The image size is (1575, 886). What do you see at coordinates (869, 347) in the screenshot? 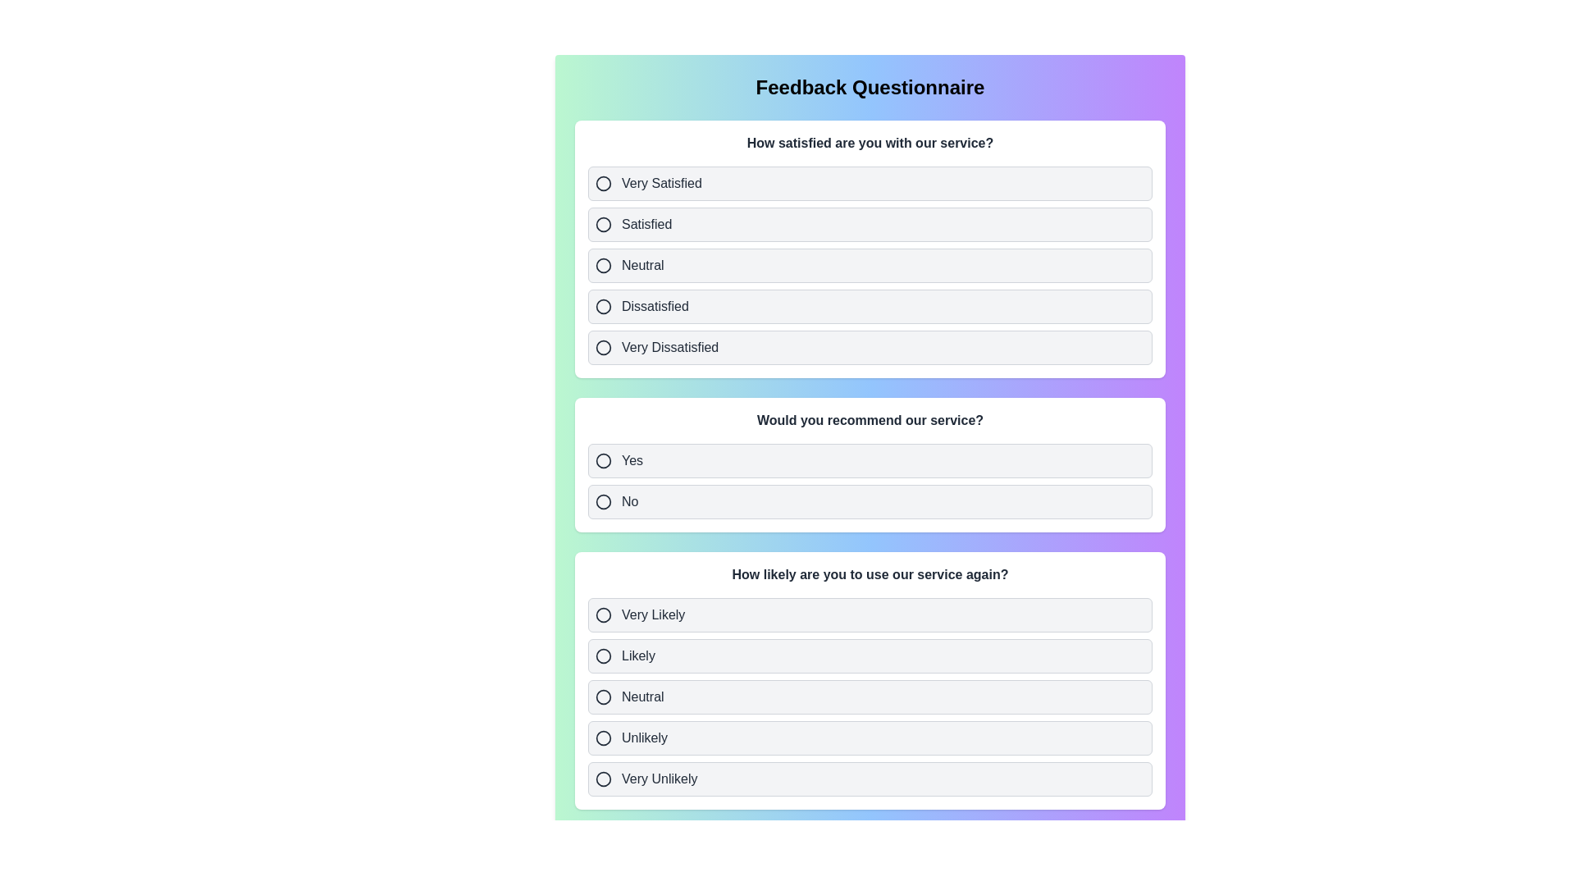
I see `the option Very Dissatisfied for the first question` at bounding box center [869, 347].